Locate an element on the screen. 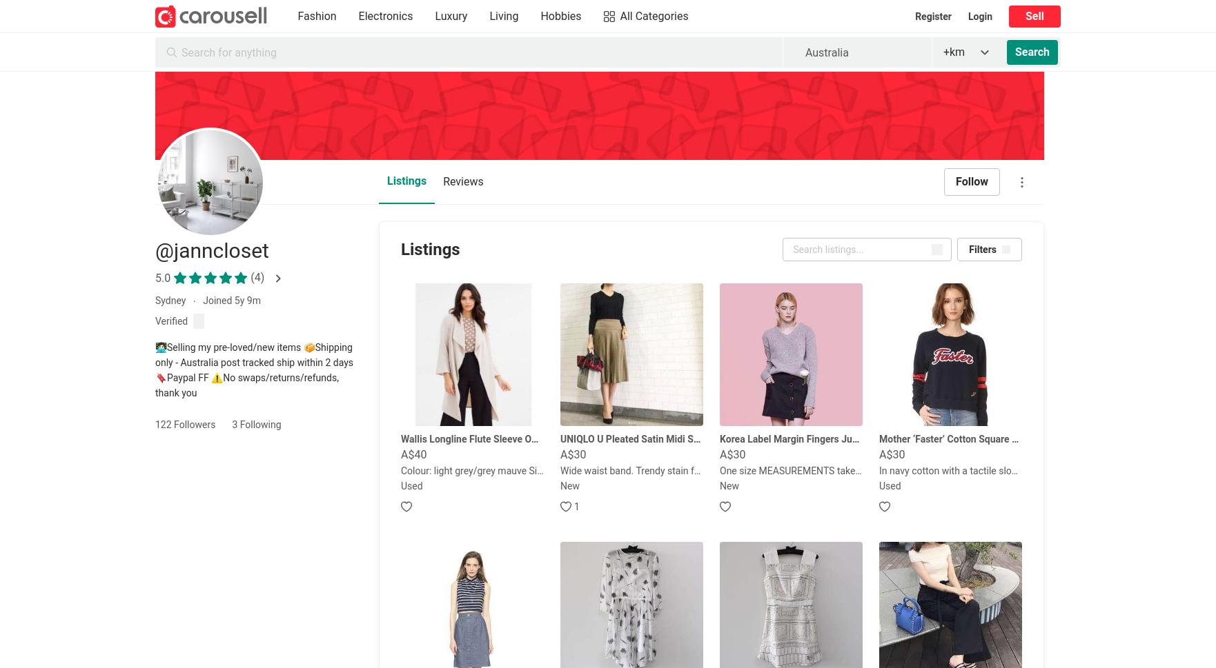  'Register' is located at coordinates (932, 17).